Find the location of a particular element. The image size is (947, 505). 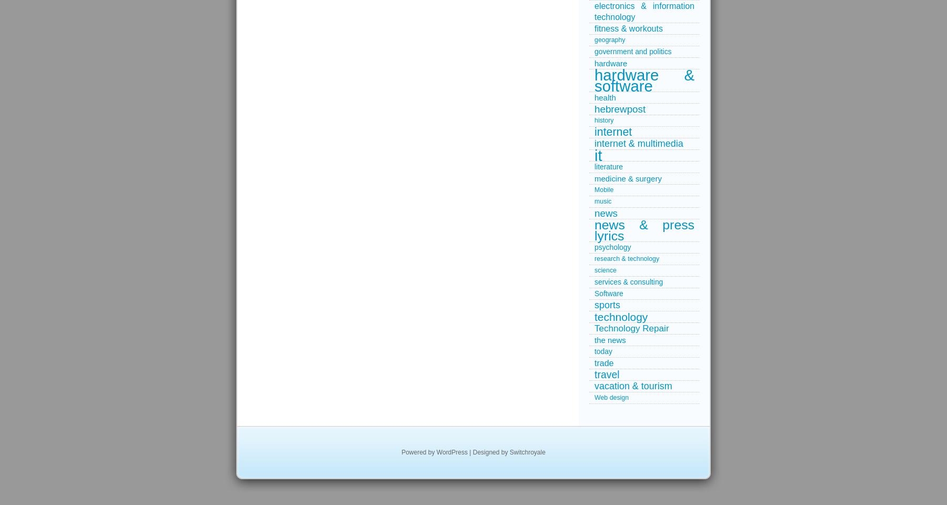

'news' is located at coordinates (594, 213).